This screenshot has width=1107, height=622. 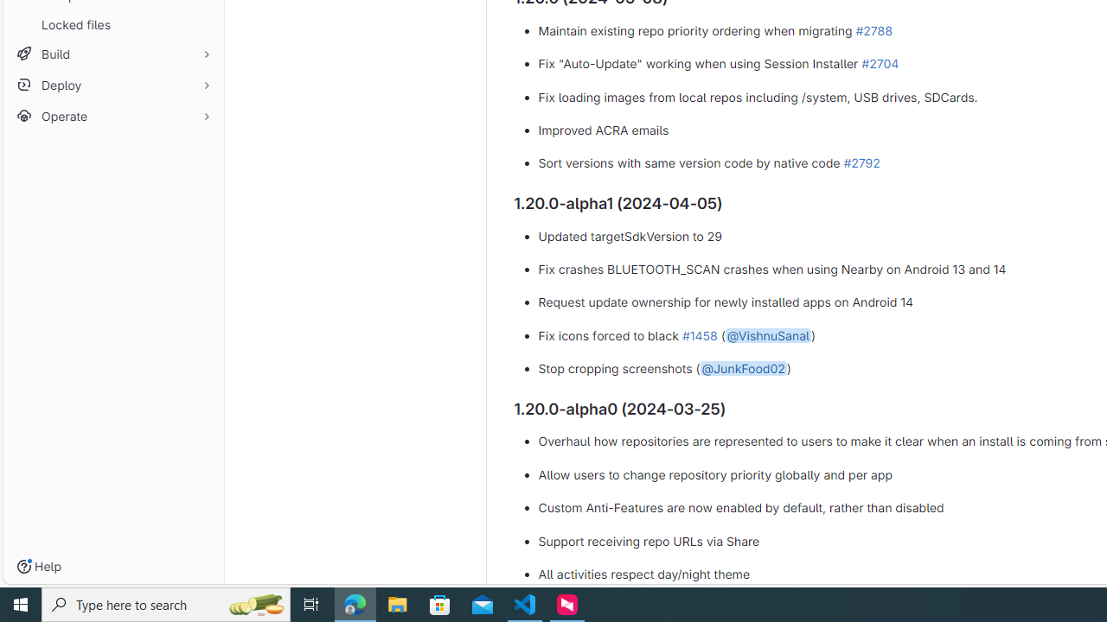 What do you see at coordinates (743, 368) in the screenshot?
I see `'@JunkFood02'` at bounding box center [743, 368].